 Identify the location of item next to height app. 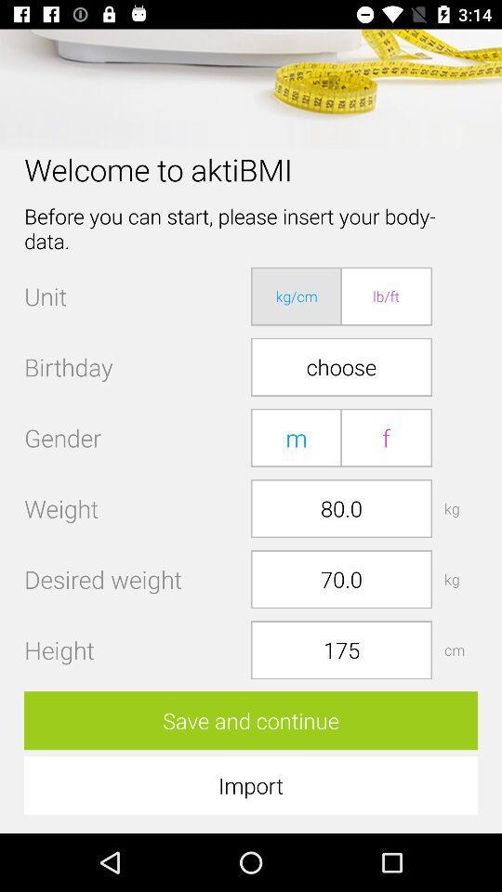
(340, 649).